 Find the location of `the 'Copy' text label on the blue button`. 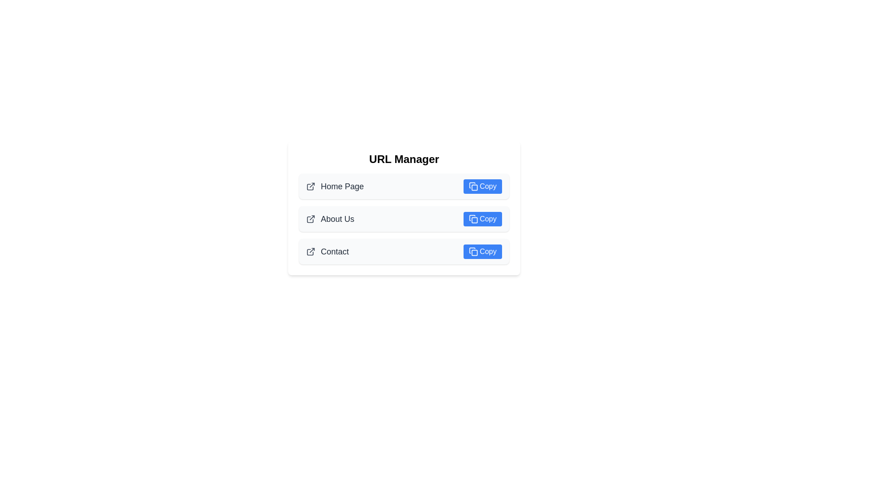

the 'Copy' text label on the blue button is located at coordinates (488, 219).